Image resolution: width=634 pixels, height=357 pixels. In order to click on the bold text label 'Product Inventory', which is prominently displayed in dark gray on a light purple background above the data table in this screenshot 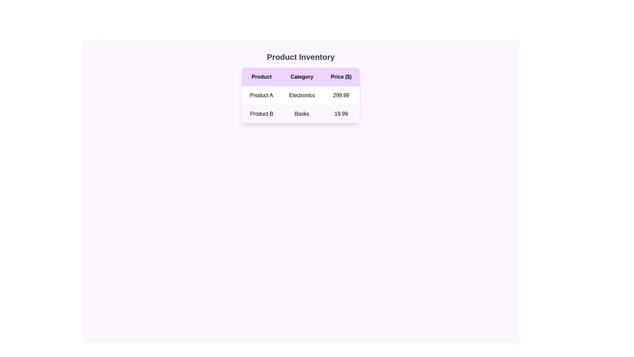, I will do `click(300, 57)`.